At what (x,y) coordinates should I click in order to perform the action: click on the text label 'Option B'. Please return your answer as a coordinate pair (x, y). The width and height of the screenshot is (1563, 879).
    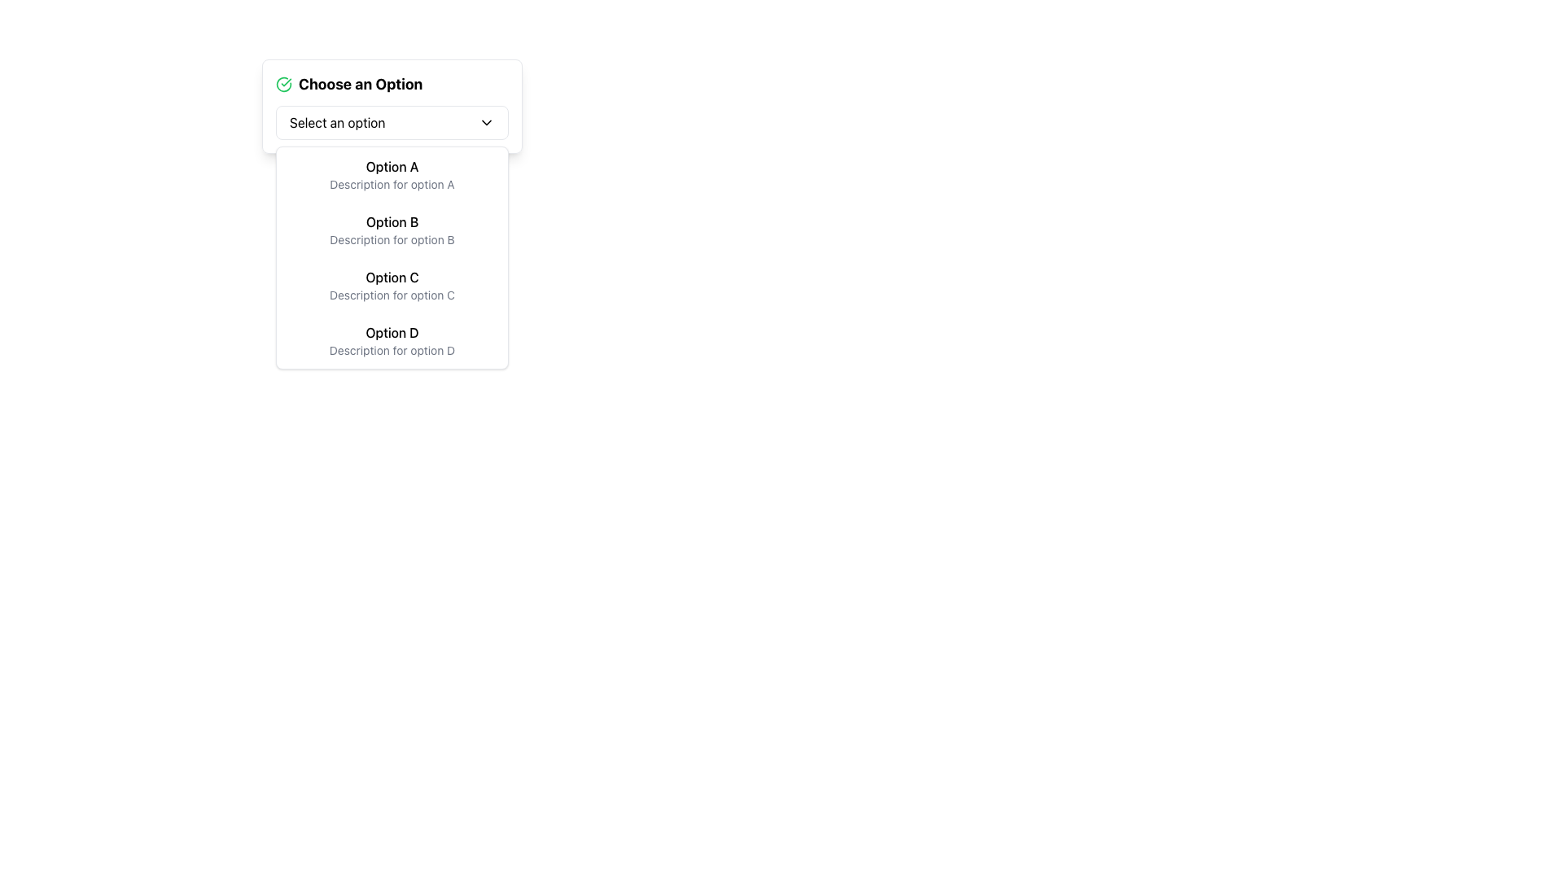
    Looking at the image, I should click on (392, 222).